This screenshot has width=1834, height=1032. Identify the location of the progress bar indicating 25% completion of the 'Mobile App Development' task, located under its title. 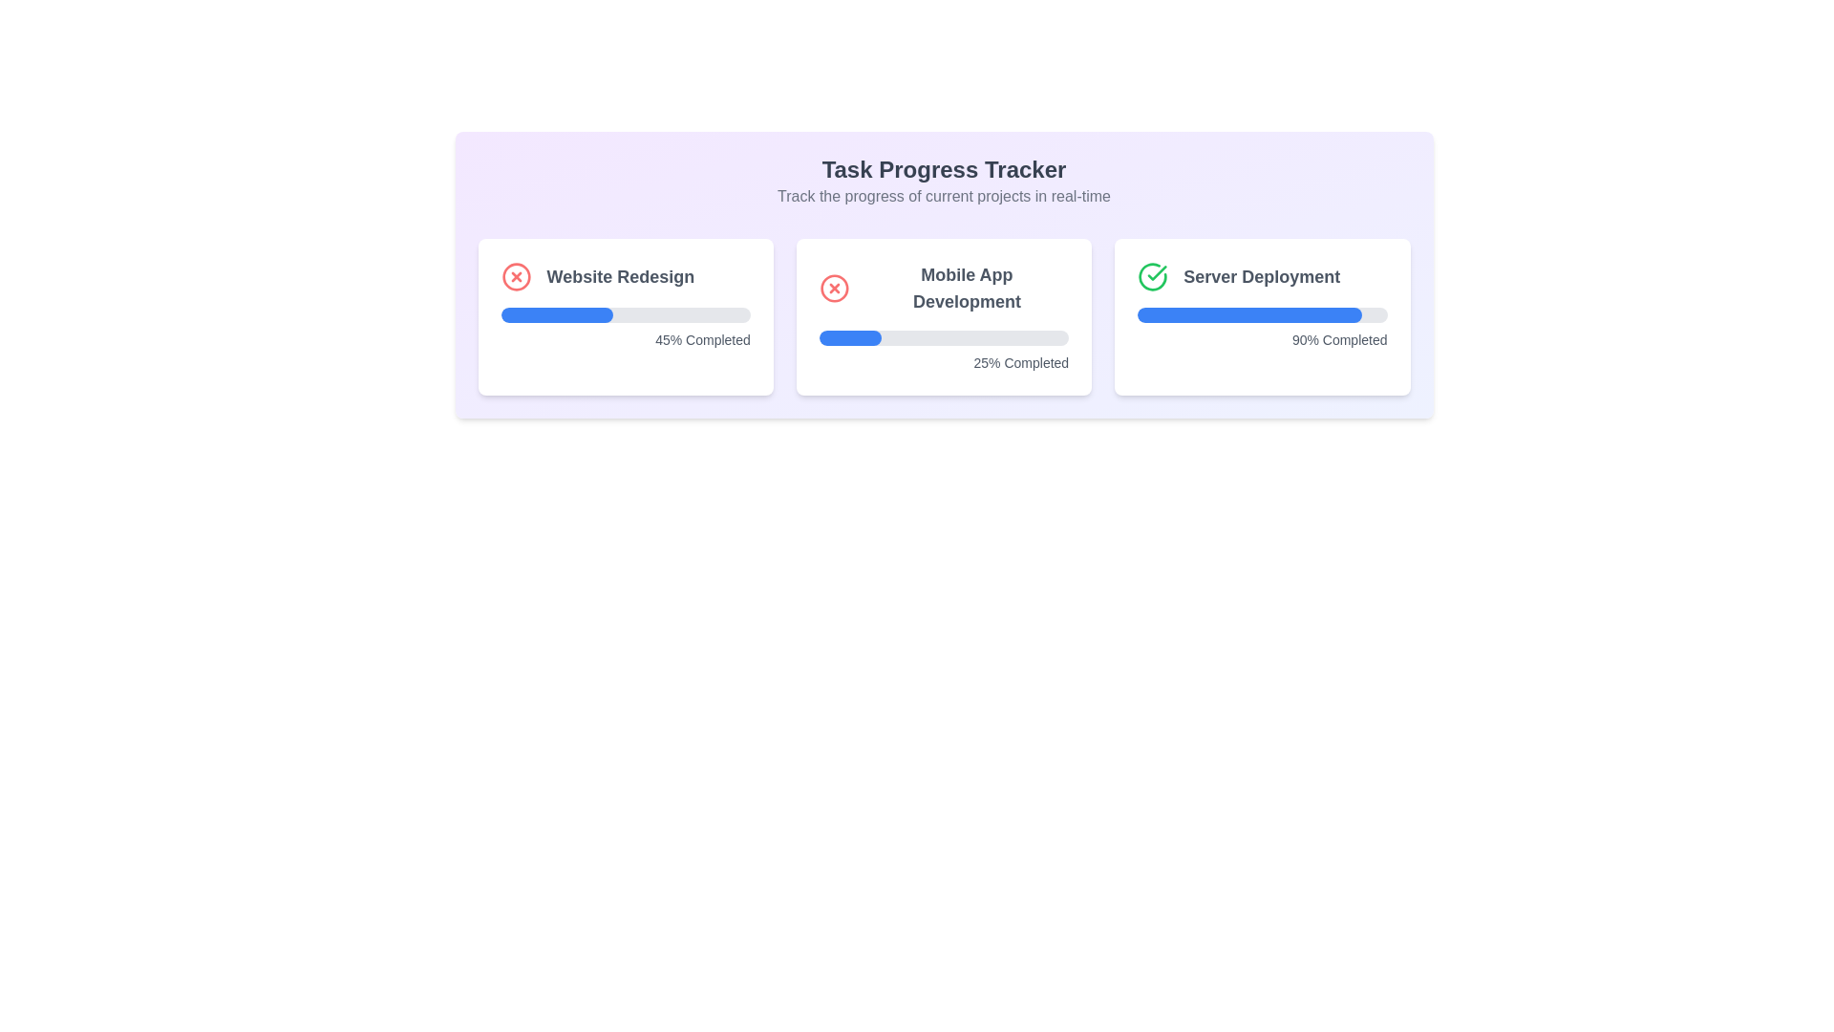
(944, 337).